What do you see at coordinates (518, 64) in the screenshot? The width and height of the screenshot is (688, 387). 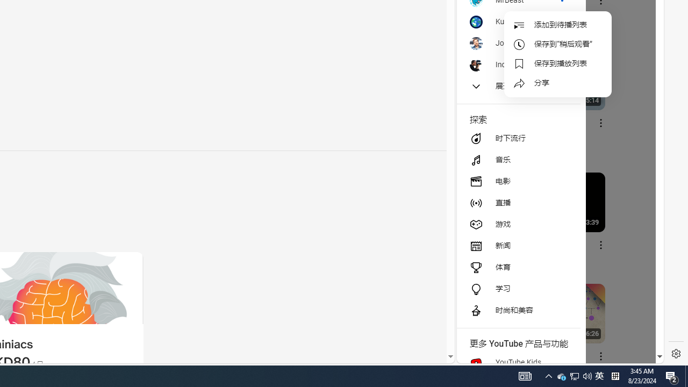 I see `'Indigo Traveller'` at bounding box center [518, 64].